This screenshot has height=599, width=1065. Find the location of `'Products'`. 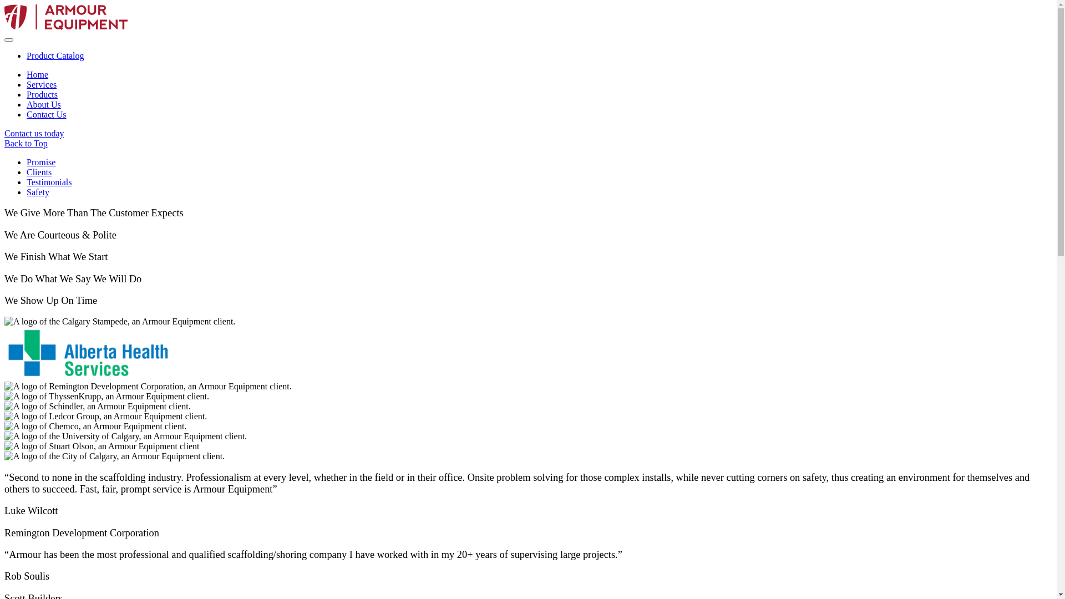

'Products' is located at coordinates (42, 94).